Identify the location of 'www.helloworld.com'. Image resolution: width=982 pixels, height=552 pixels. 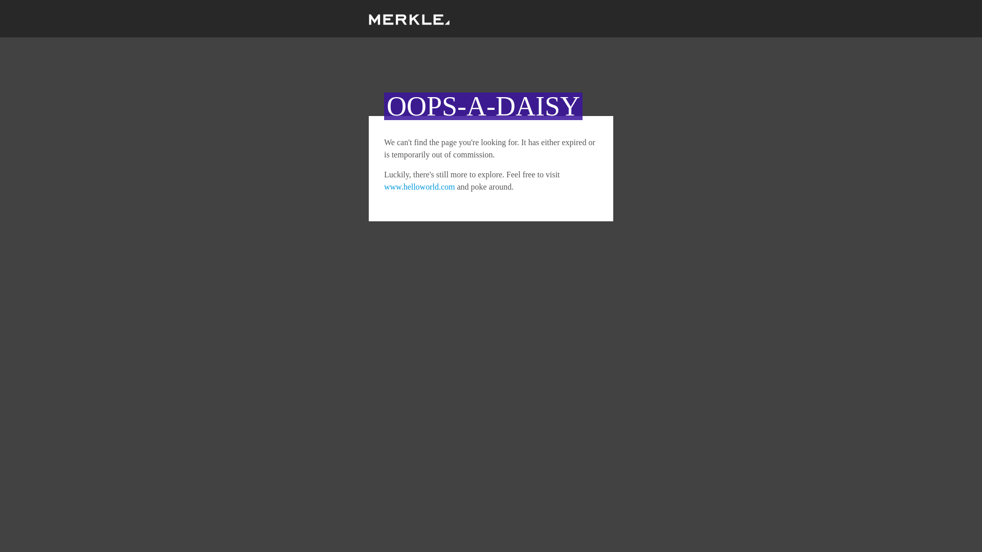
(383, 187).